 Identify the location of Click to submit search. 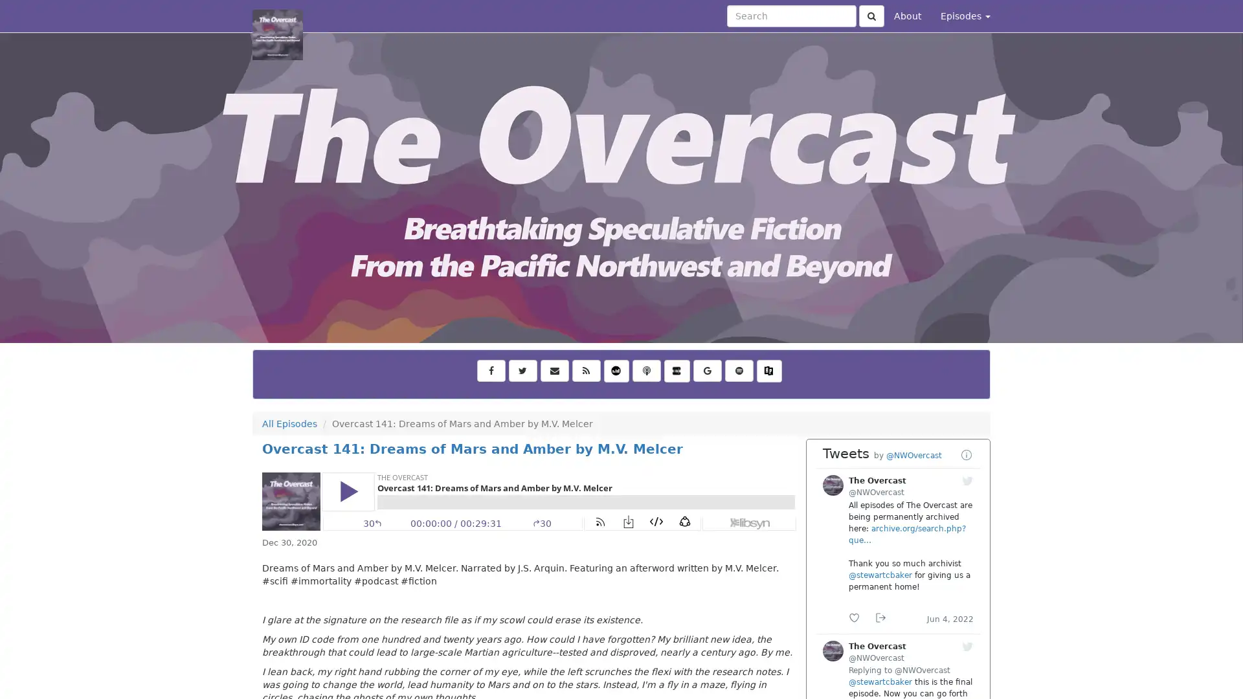
(871, 16).